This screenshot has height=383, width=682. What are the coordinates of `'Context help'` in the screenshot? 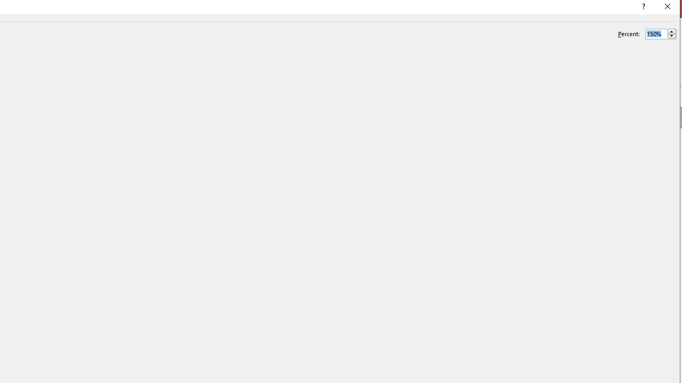 It's located at (642, 8).